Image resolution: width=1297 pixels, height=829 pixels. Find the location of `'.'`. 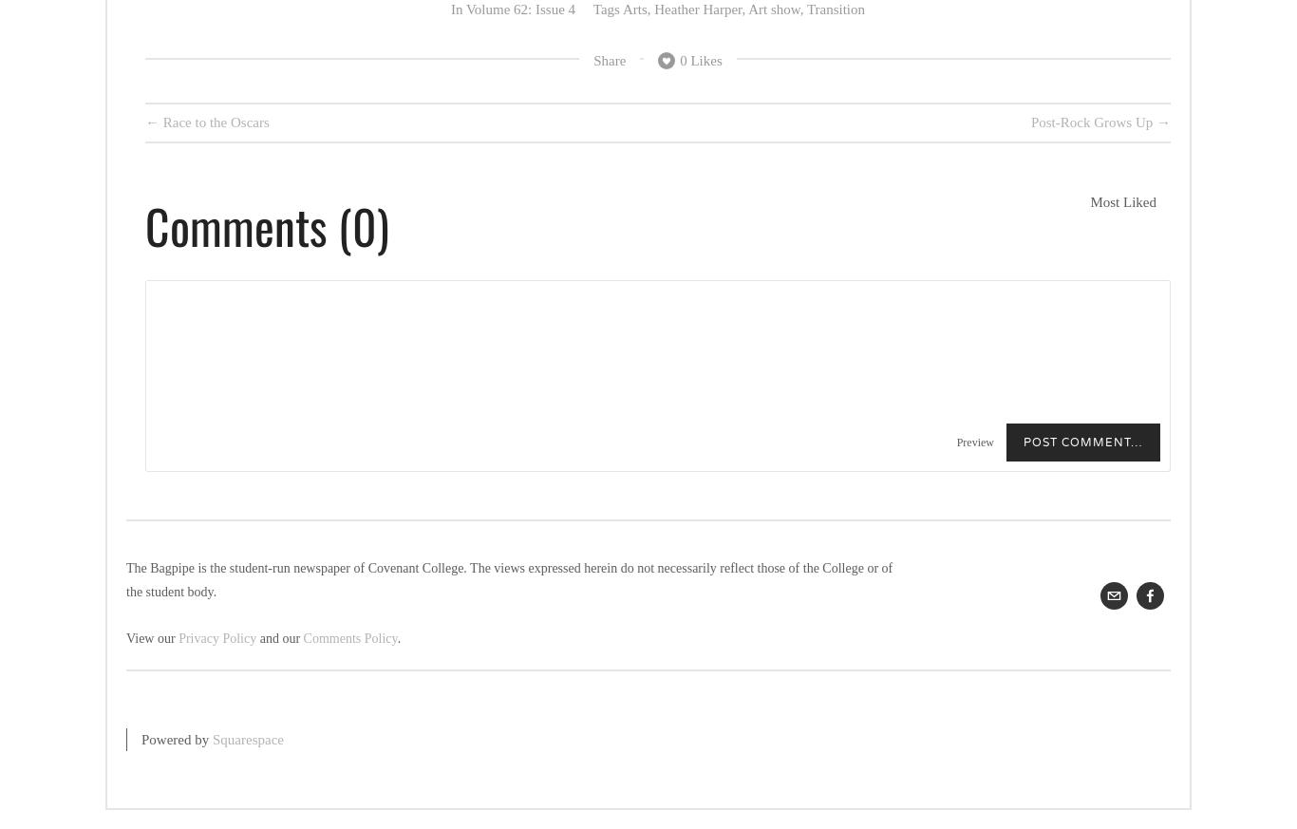

'.' is located at coordinates (395, 638).